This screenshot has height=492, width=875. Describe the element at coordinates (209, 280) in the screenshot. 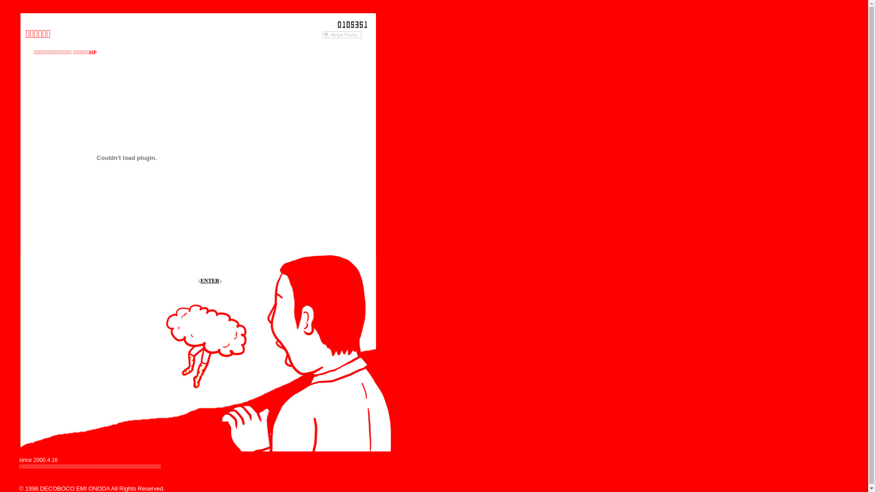

I see `'ENTER'` at that location.